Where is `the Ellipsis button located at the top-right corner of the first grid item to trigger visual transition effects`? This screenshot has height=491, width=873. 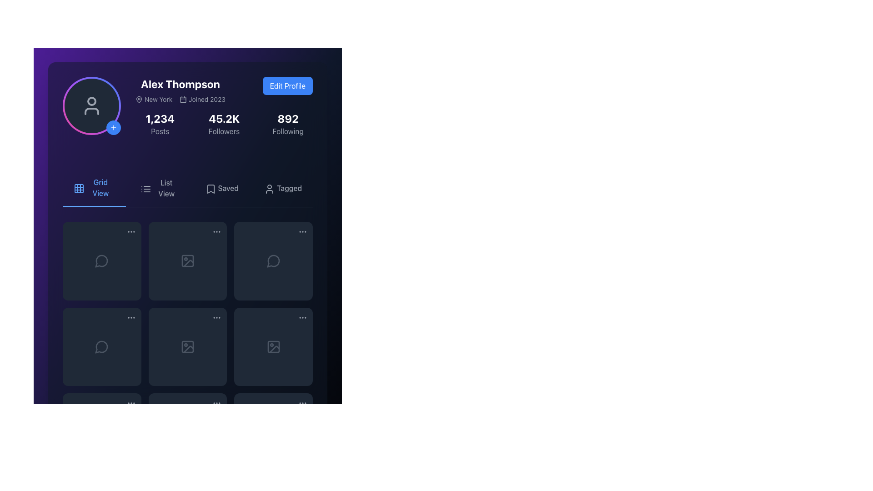 the Ellipsis button located at the top-right corner of the first grid item to trigger visual transition effects is located at coordinates (130, 231).